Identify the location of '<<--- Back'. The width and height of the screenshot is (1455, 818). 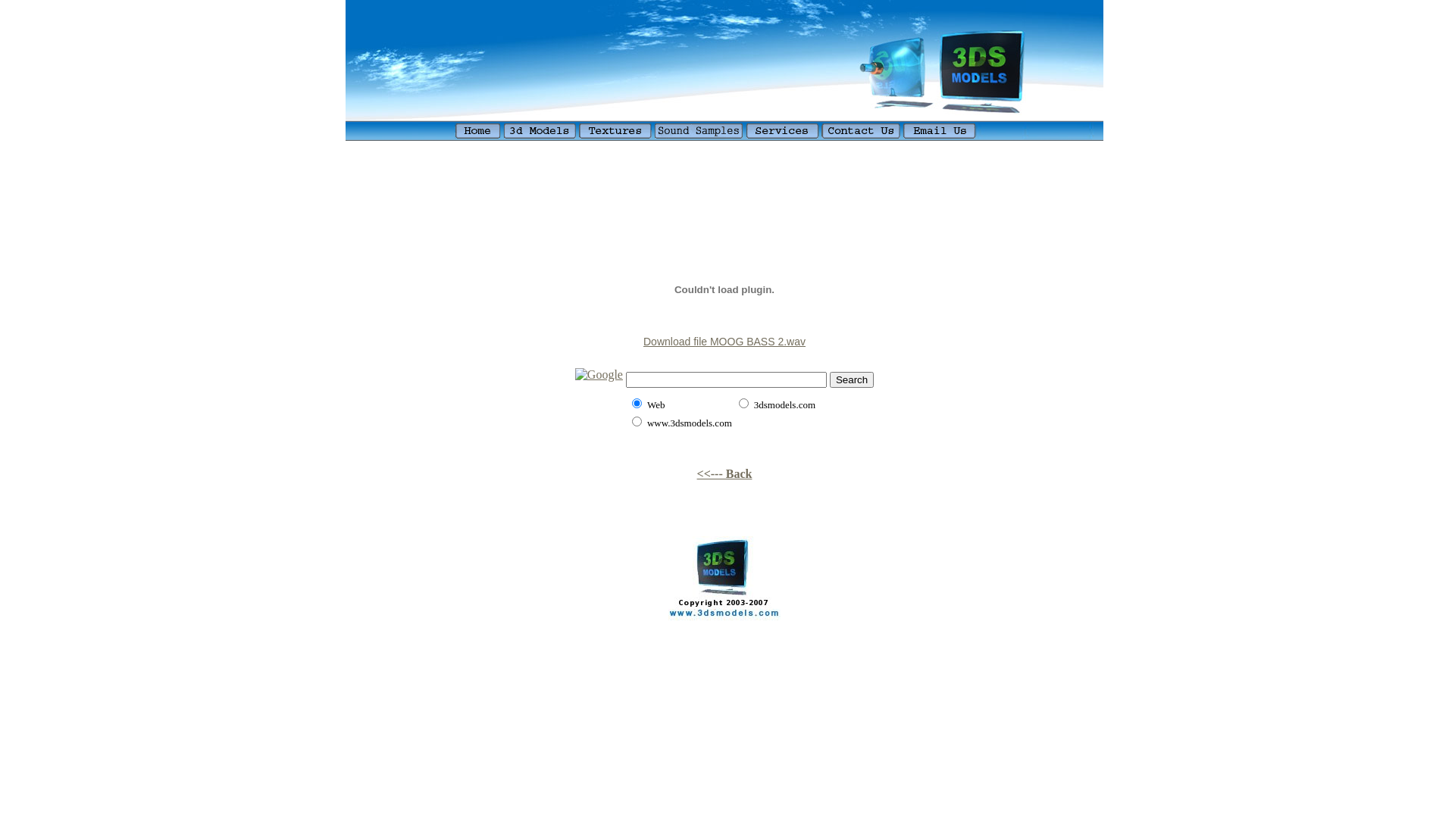
(724, 473).